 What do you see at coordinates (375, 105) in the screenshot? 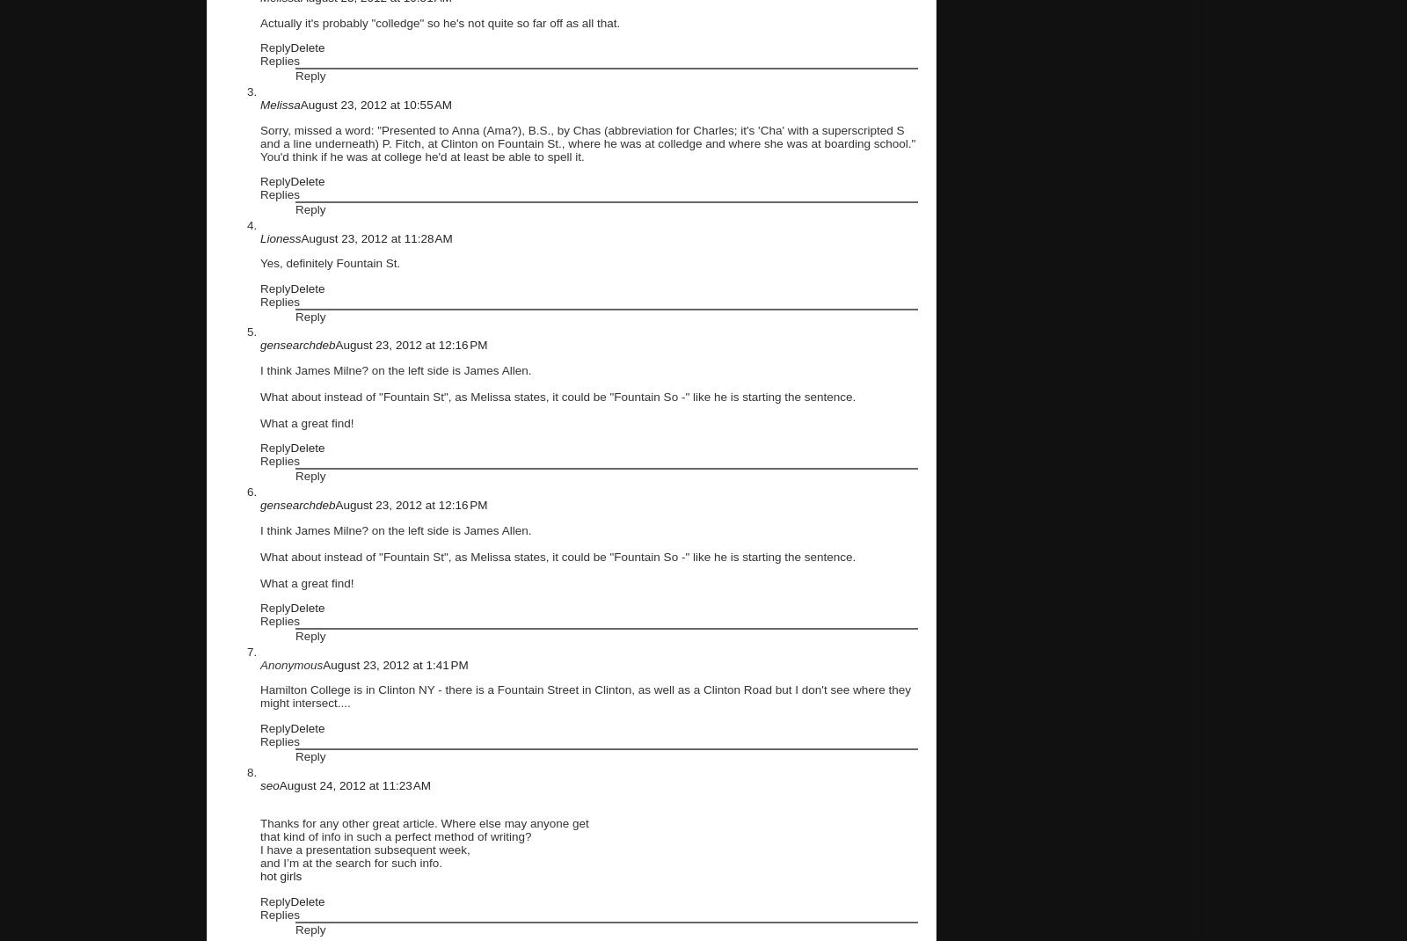
I see `'August 23, 2012 at 10:55 AM'` at bounding box center [375, 105].